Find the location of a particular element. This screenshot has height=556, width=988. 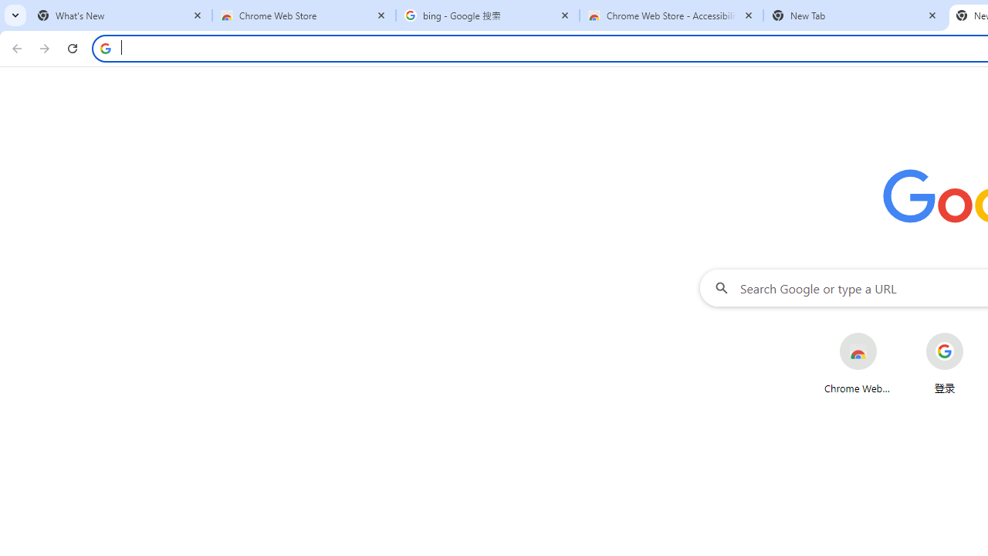

'Chrome Web Store - Accessibility' is located at coordinates (672, 15).